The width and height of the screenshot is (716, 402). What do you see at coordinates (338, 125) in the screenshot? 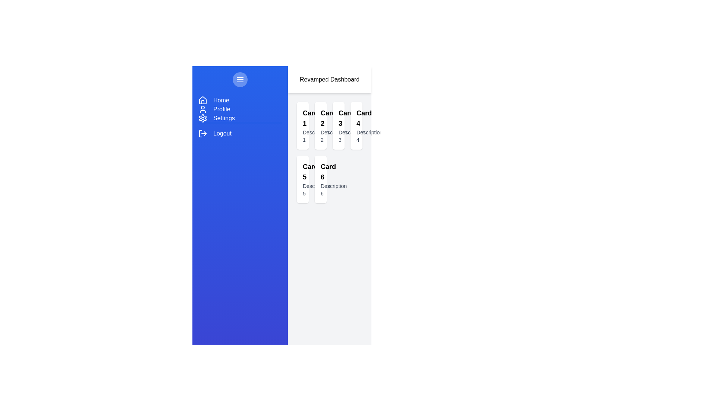
I see `the rectangular card titled 'Card 3' with a white background, located in the third column of the first row in the grid layout of six cards` at bounding box center [338, 125].